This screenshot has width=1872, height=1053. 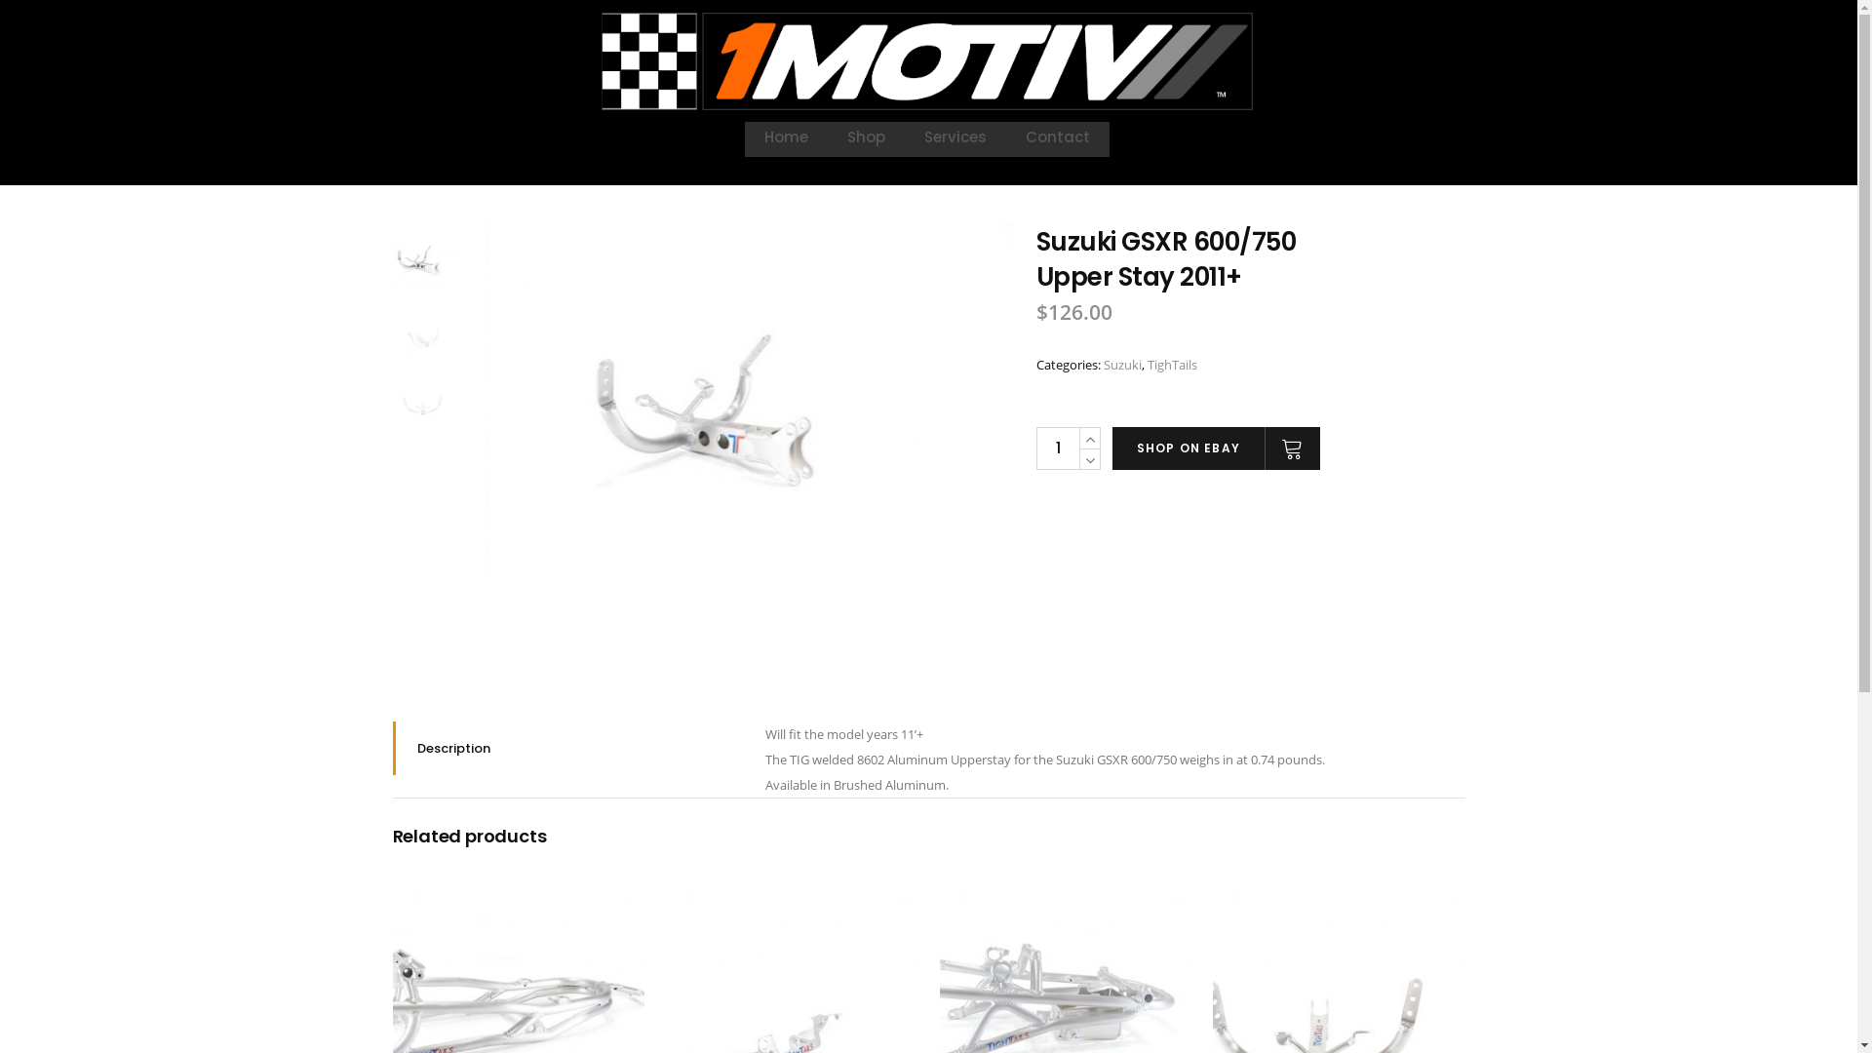 What do you see at coordinates (1056, 448) in the screenshot?
I see `'Qty'` at bounding box center [1056, 448].